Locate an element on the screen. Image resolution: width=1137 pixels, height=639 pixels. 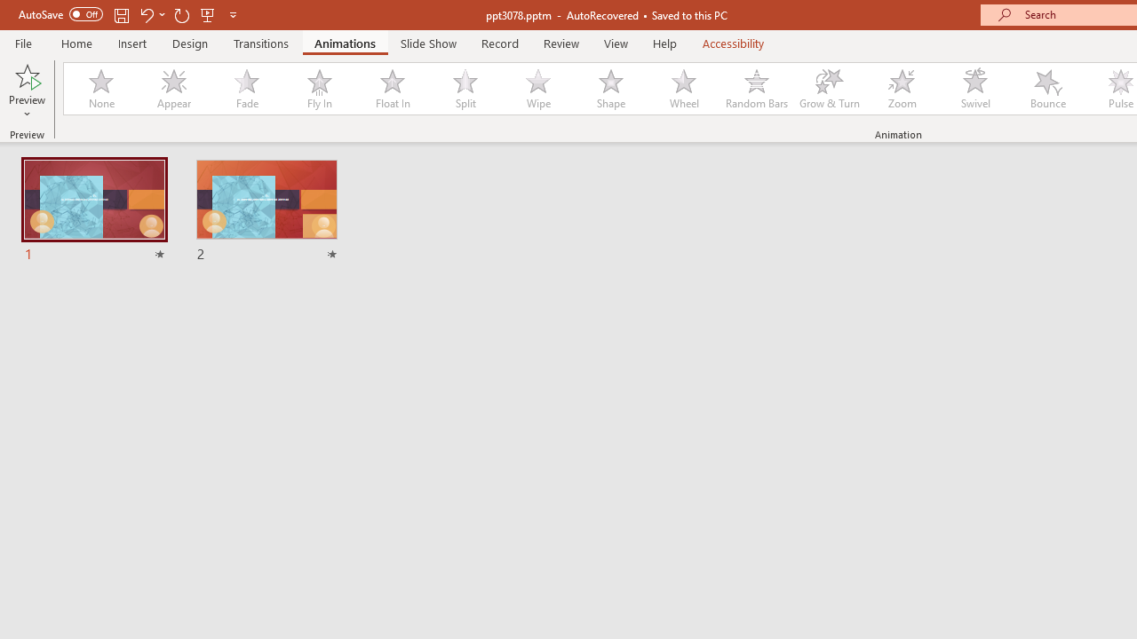
'None' is located at coordinates (99, 89).